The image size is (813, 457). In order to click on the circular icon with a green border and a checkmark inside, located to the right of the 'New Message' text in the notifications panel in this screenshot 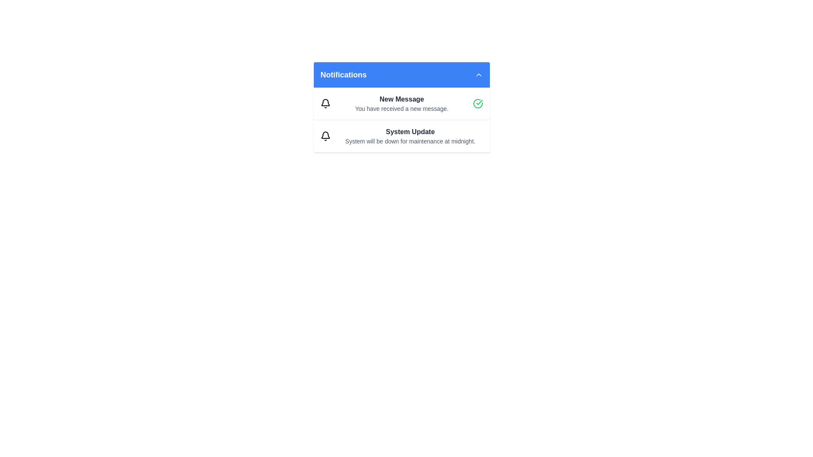, I will do `click(478, 103)`.